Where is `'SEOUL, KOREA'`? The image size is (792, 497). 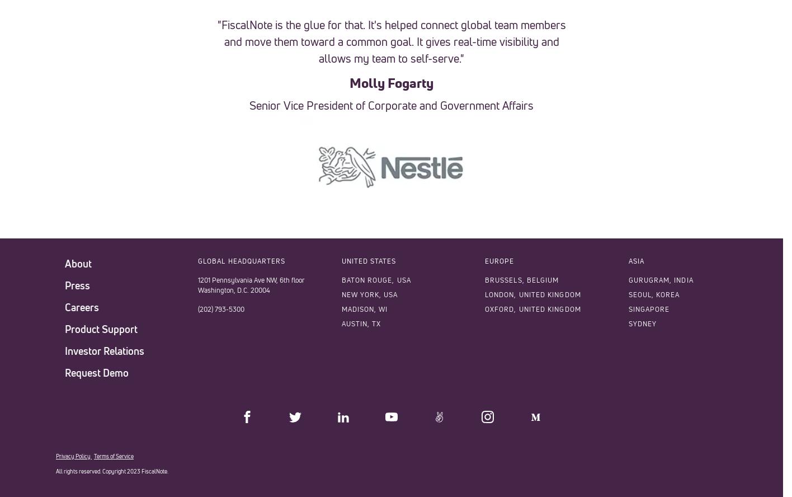 'SEOUL, KOREA' is located at coordinates (653, 293).